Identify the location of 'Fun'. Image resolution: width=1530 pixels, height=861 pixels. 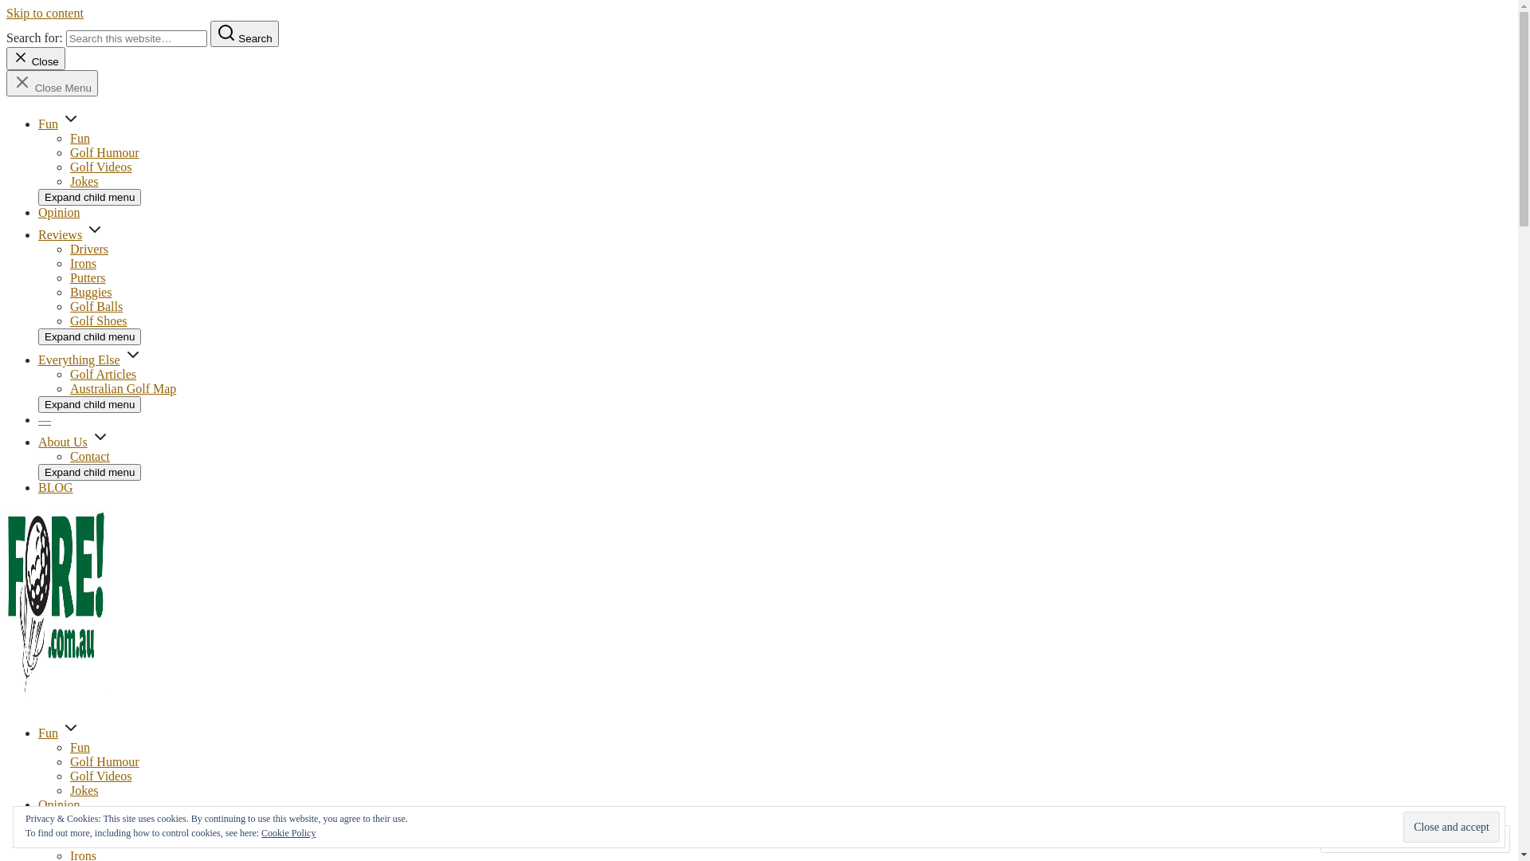
(79, 747).